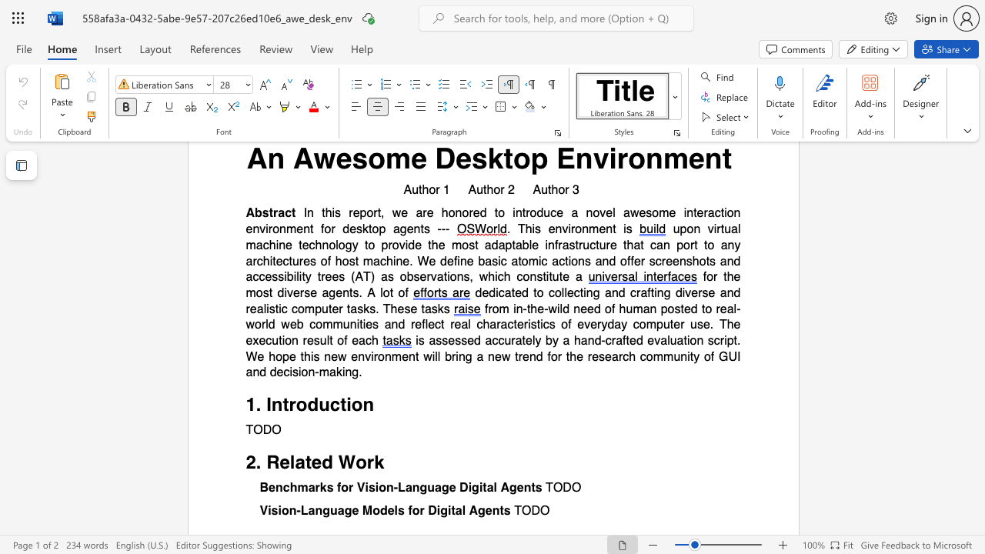 This screenshot has width=985, height=554. What do you see at coordinates (429, 340) in the screenshot?
I see `the subset text "assessed accurately by a hand-crafted" within the text "is assessed accurately by a hand-crafted evaluation script. We hope this"` at bounding box center [429, 340].